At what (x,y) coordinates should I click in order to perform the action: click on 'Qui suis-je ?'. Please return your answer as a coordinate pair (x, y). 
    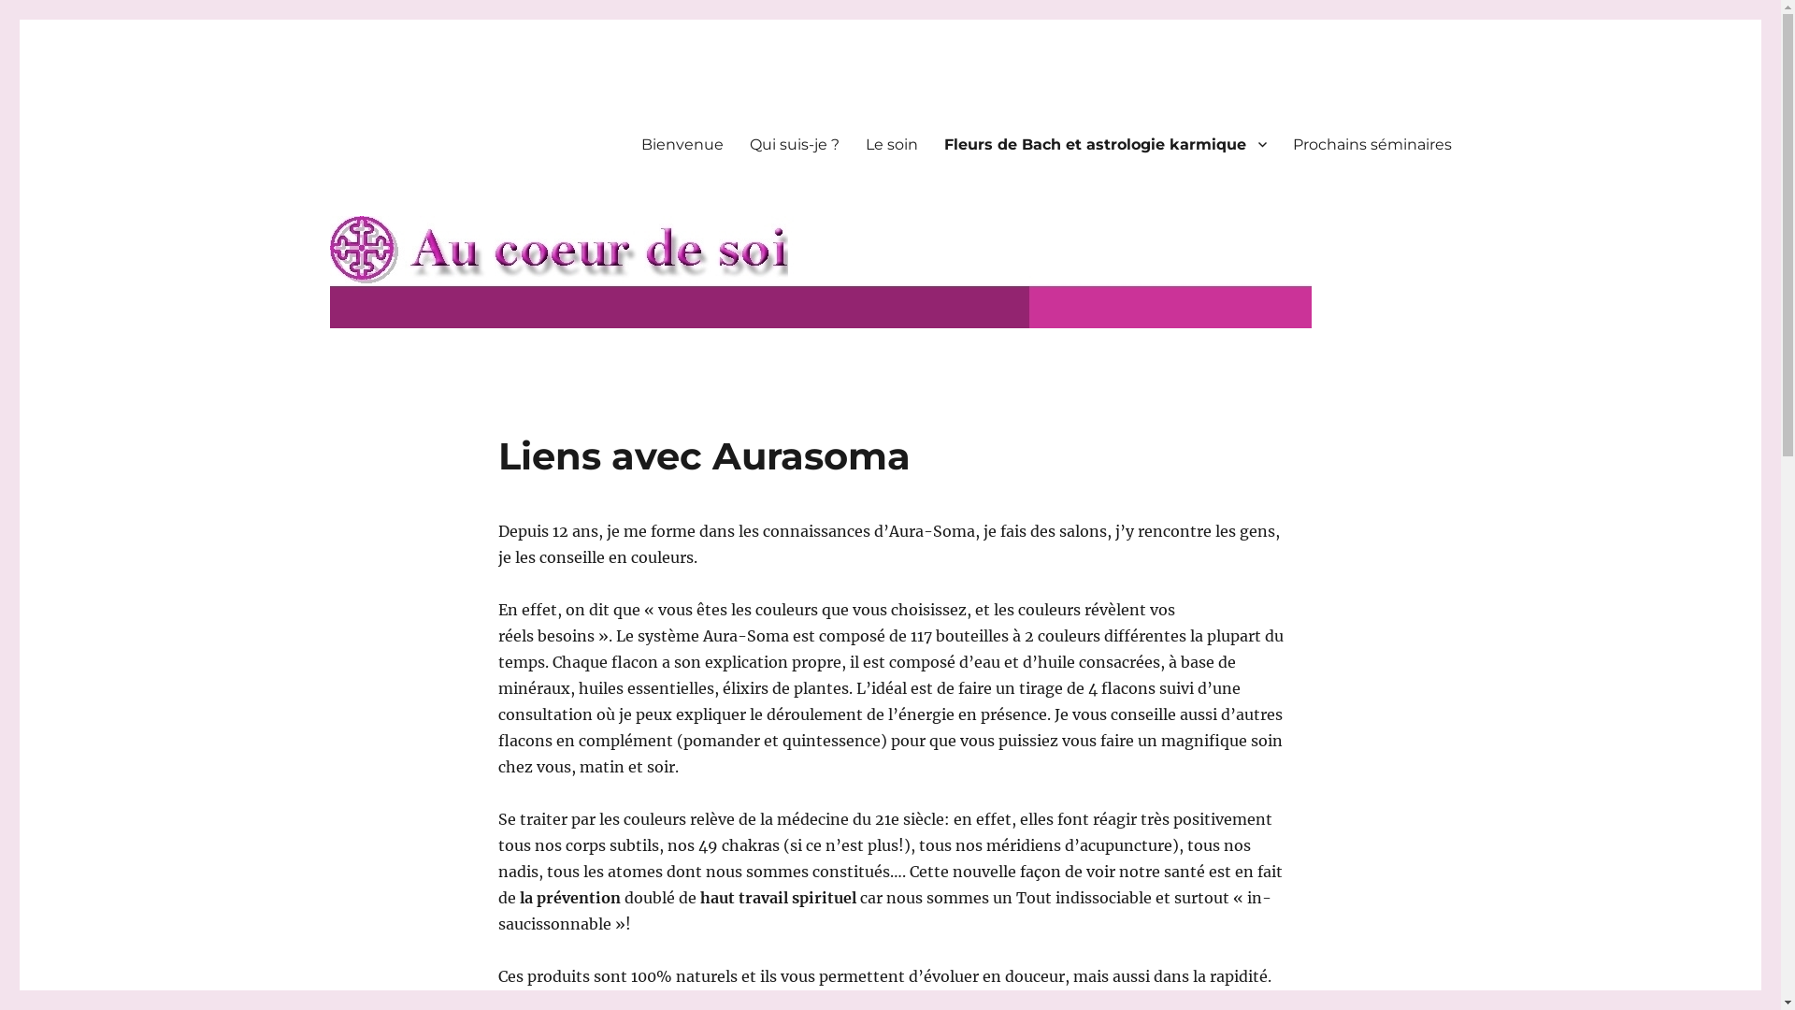
    Looking at the image, I should click on (735, 143).